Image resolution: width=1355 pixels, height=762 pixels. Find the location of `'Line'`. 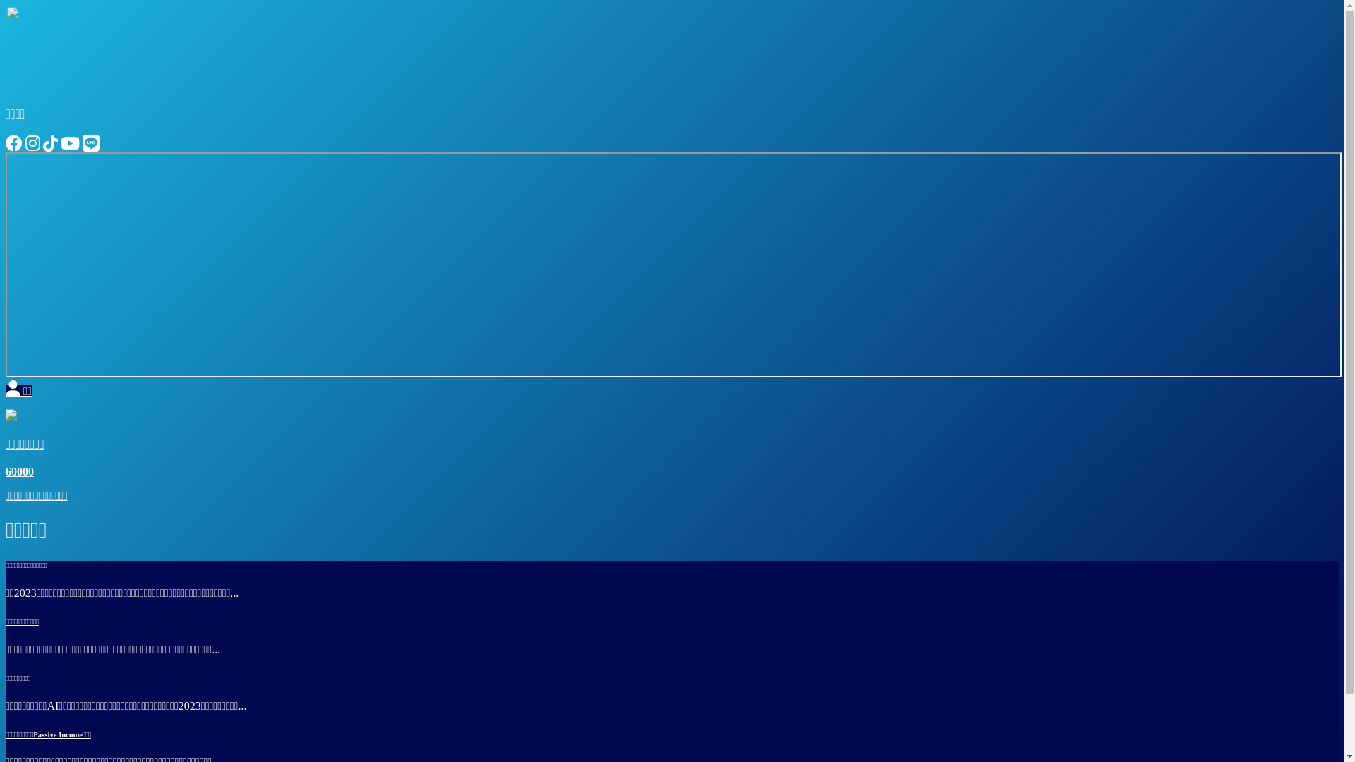

'Line' is located at coordinates (90, 145).